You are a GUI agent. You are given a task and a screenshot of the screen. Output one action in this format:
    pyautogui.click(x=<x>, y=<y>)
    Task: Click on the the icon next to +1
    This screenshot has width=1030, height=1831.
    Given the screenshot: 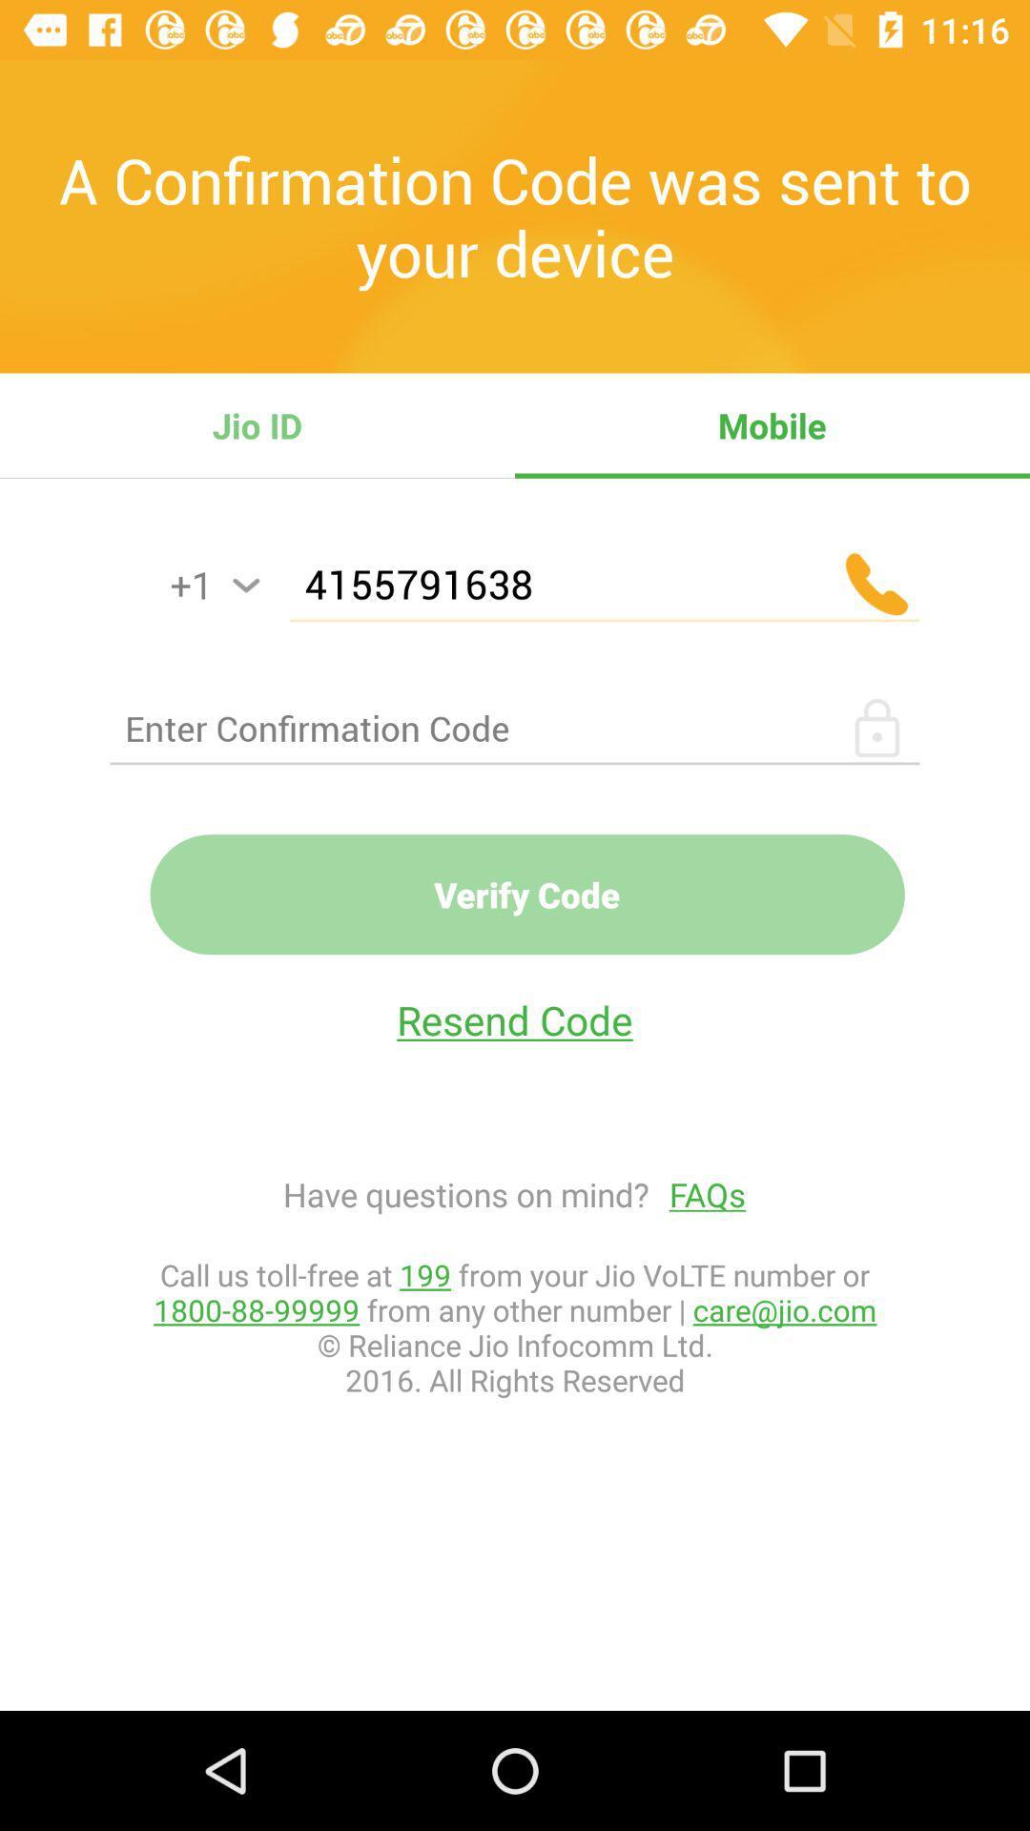 What is the action you would take?
    pyautogui.click(x=245, y=585)
    